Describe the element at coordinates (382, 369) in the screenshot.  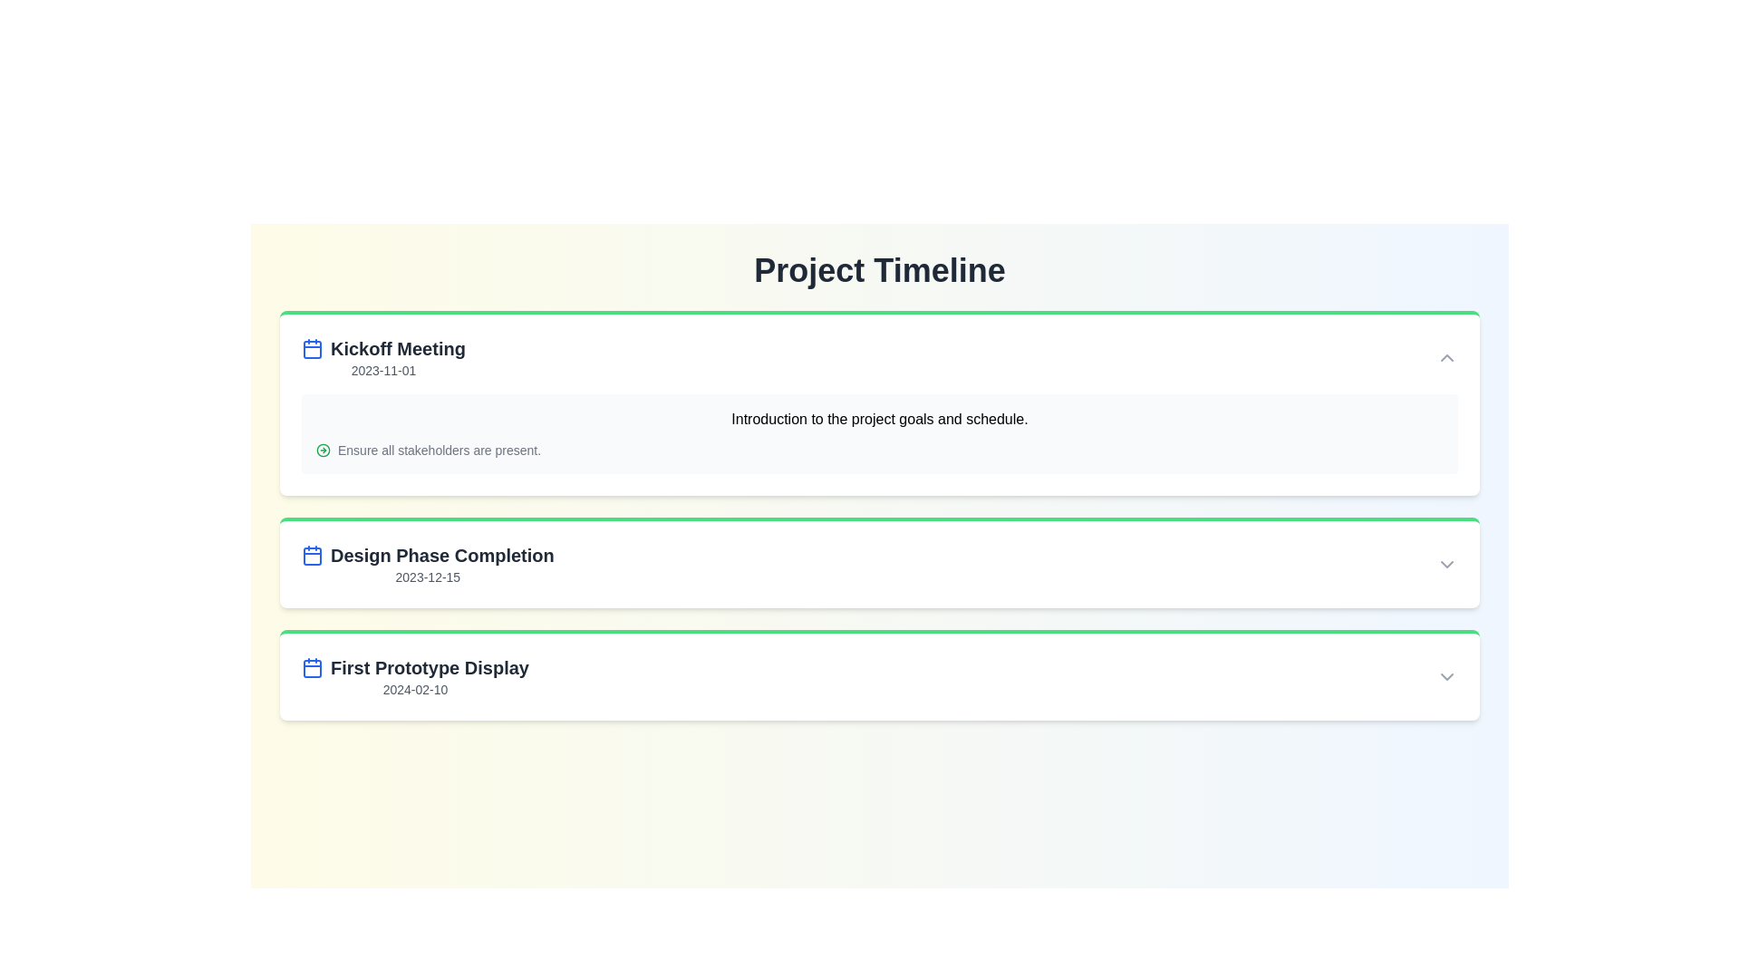
I see `the text label displaying the date '2023-11-01' below the 'Kickoff Meeting' header` at that location.